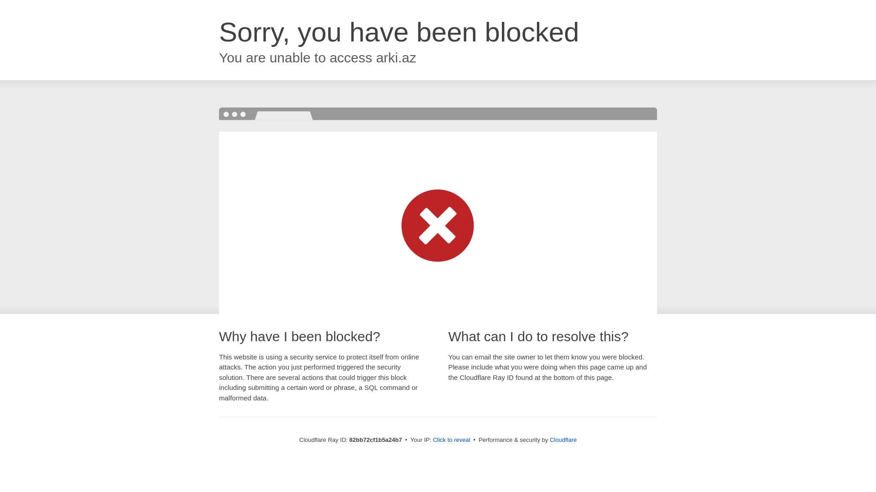 The image size is (876, 492). Describe the element at coordinates (563, 439) in the screenshot. I see `'Cloudflare'` at that location.